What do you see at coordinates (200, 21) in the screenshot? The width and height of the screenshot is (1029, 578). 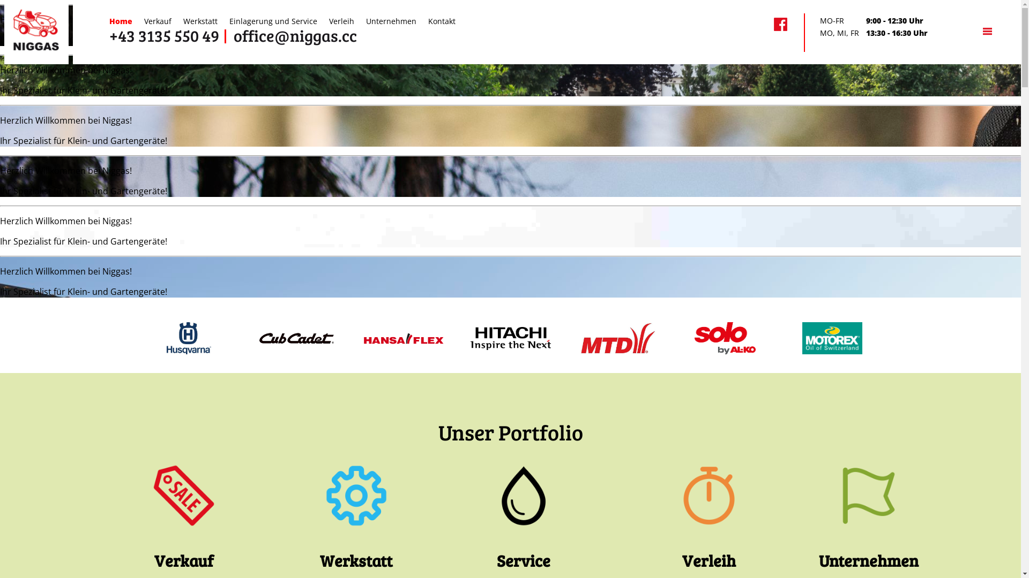 I see `'Werkstatt'` at bounding box center [200, 21].